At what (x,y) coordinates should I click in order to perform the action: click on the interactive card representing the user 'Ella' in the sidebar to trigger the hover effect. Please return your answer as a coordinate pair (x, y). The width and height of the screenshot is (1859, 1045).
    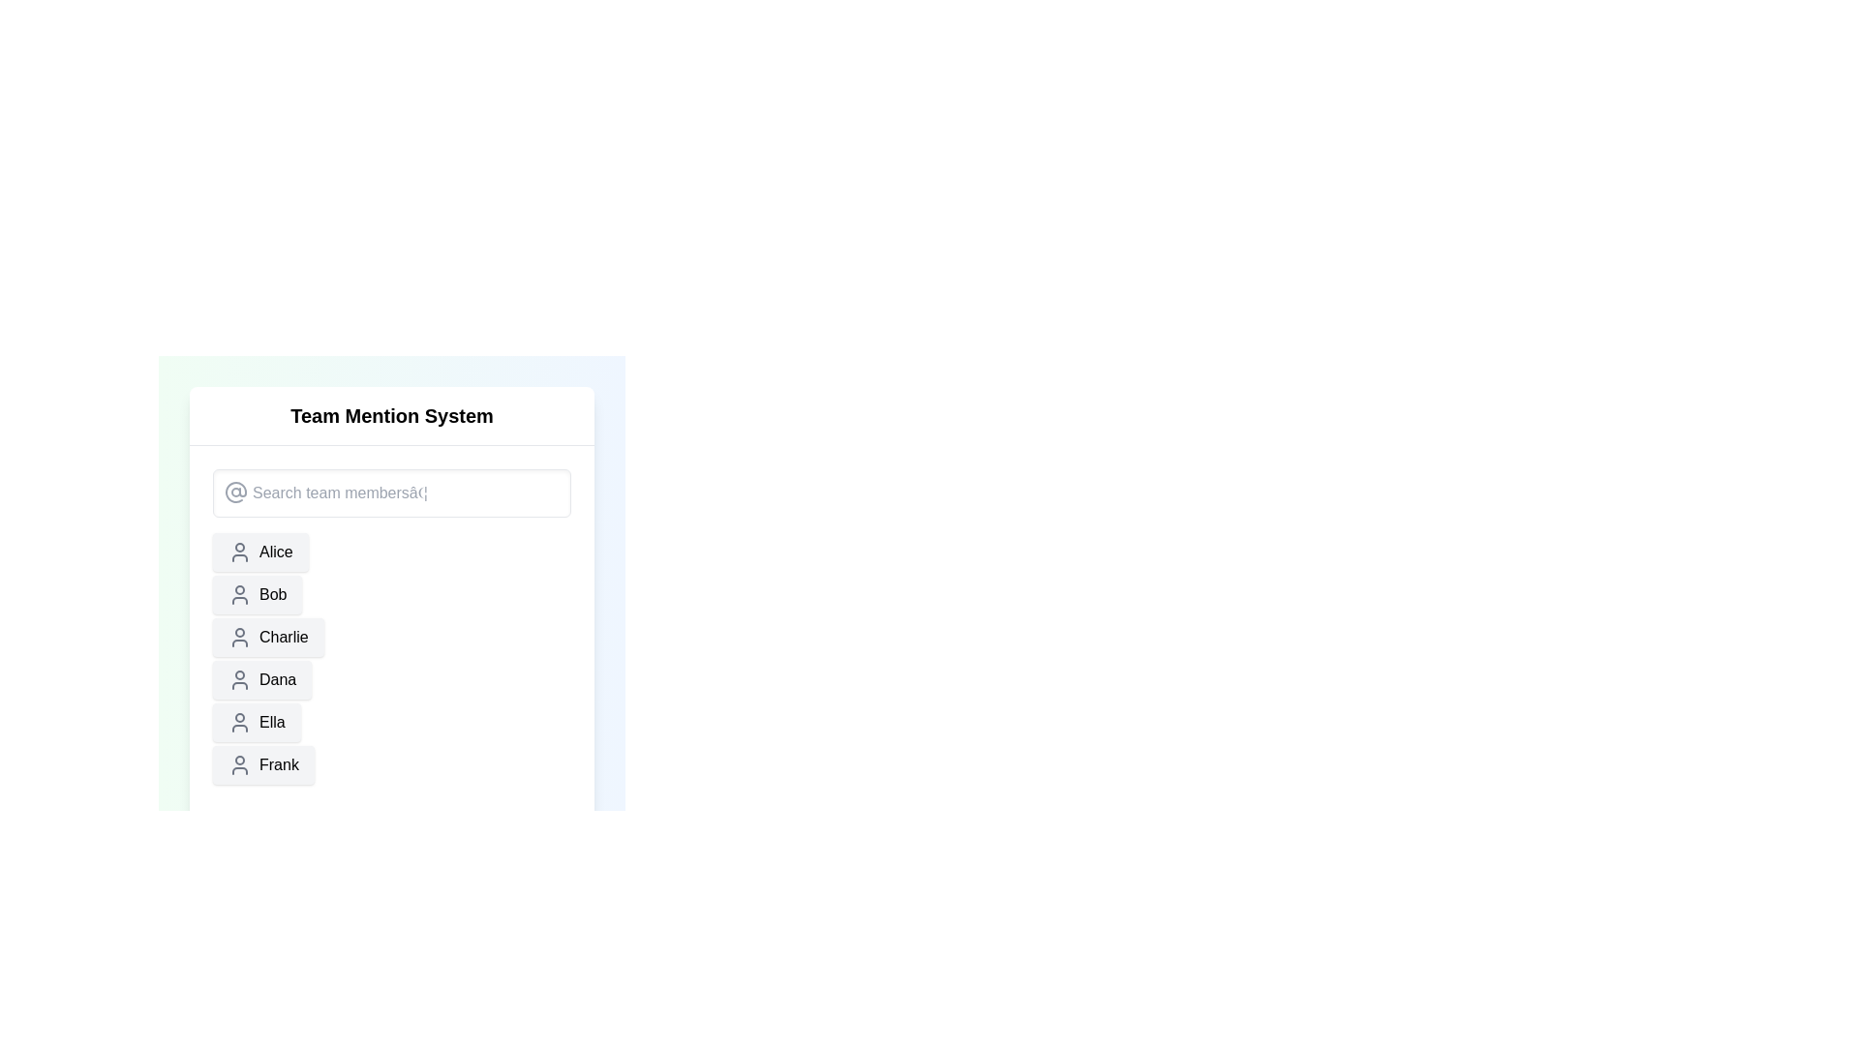
    Looking at the image, I should click on (256, 723).